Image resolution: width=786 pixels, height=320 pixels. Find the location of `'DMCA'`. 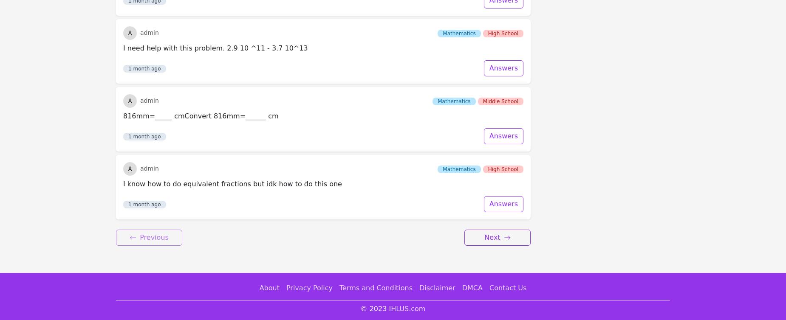

'DMCA' is located at coordinates (471, 197).